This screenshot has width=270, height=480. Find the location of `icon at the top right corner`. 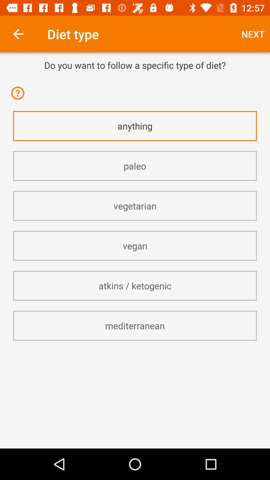

icon at the top right corner is located at coordinates (253, 34).